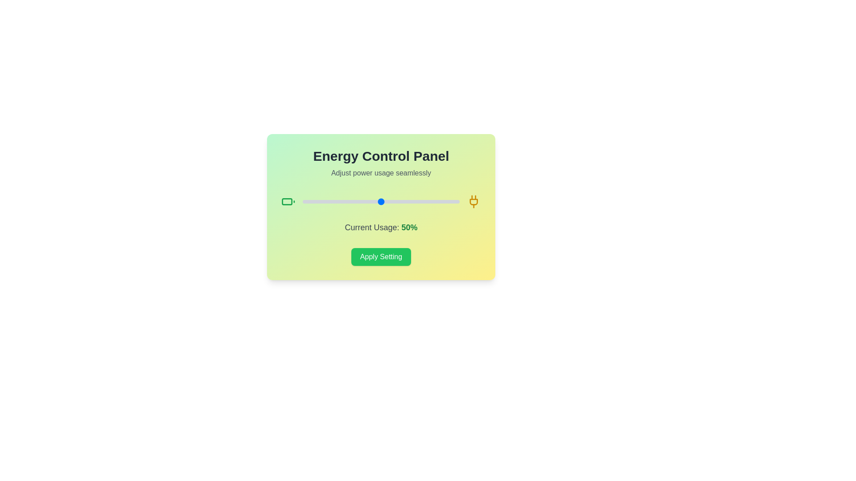  What do you see at coordinates (355, 201) in the screenshot?
I see `the current usage` at bounding box center [355, 201].